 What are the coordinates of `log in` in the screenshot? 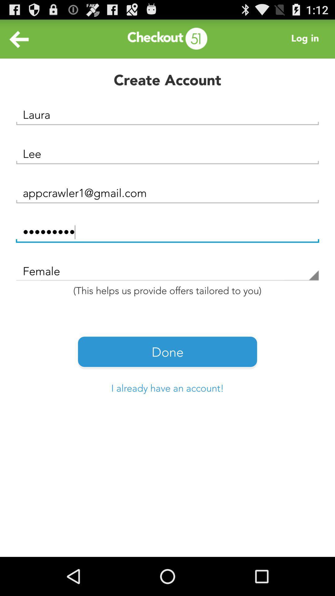 It's located at (306, 38).